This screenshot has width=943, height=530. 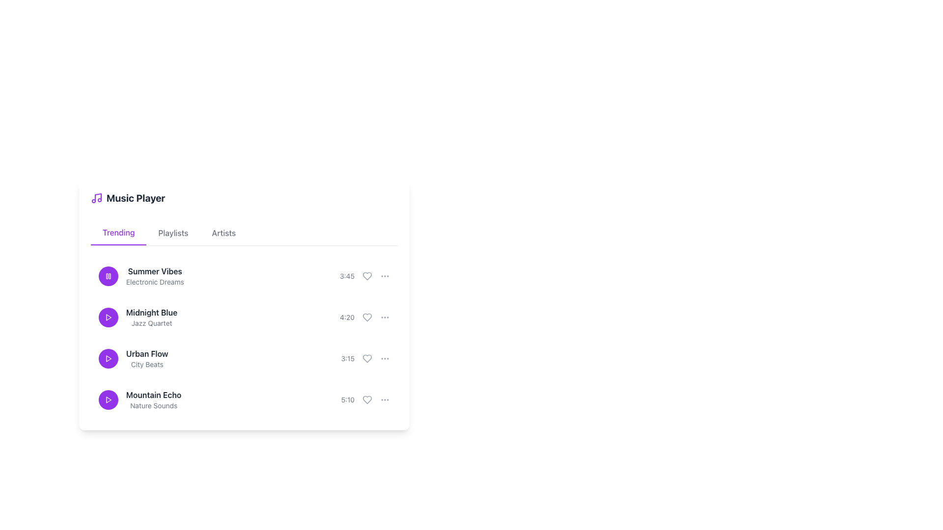 I want to click on text of the title label for the third music track, which is located between 'Midnight Blue' and 'Mountain Echo' and above the subtitle 'City Beats', so click(x=146, y=354).